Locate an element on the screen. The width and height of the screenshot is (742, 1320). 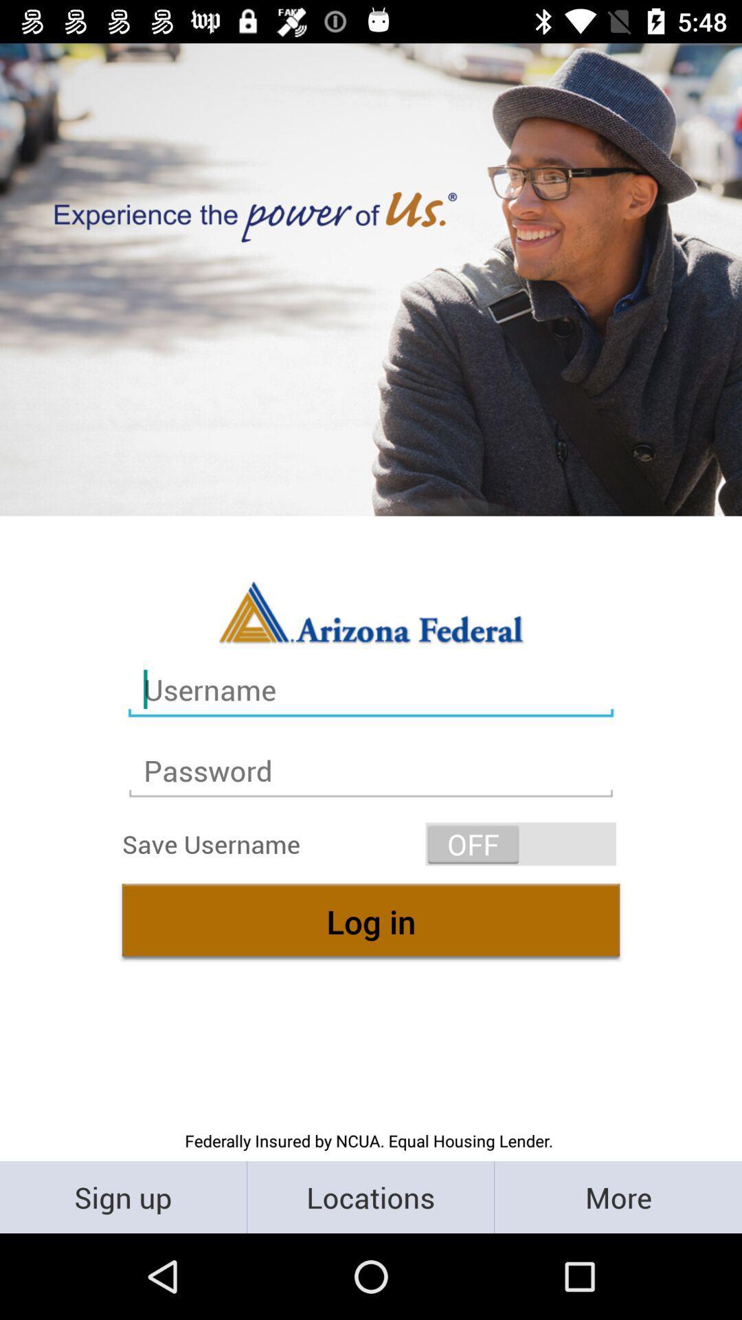
the item next to locations is located at coordinates (617, 1196).